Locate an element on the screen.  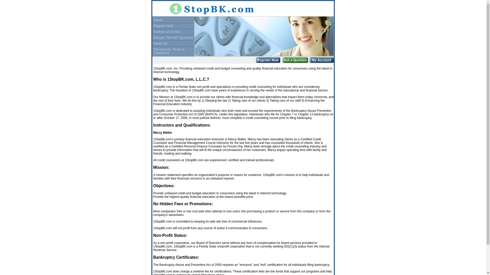
'Disclosures, Terms & Conditions' is located at coordinates (169, 51).